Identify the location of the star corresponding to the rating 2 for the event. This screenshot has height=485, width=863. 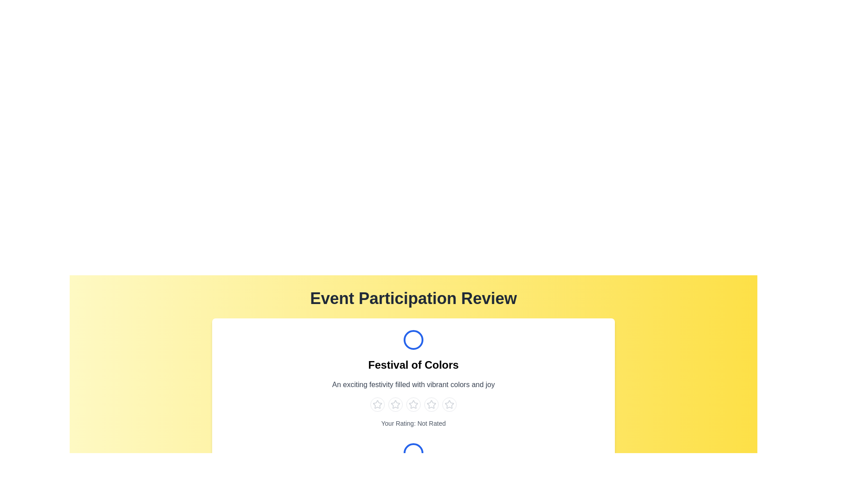
(395, 405).